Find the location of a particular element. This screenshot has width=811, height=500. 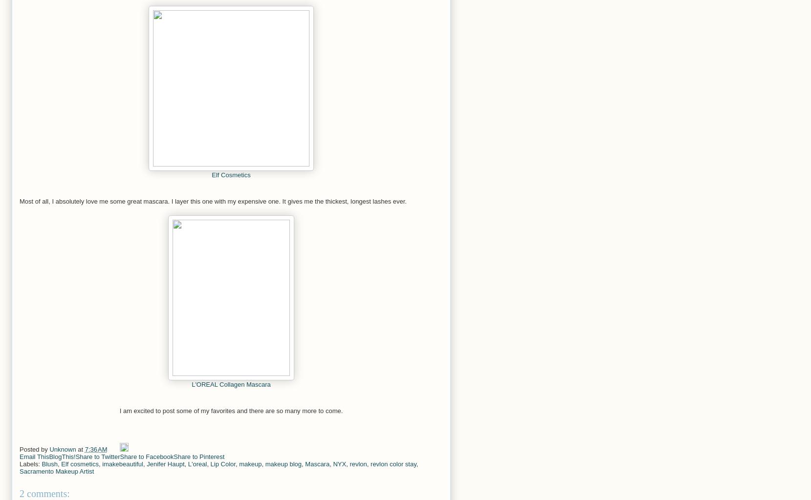

'I am excited to post some of my favorites and there are so many more to come.' is located at coordinates (119, 410).